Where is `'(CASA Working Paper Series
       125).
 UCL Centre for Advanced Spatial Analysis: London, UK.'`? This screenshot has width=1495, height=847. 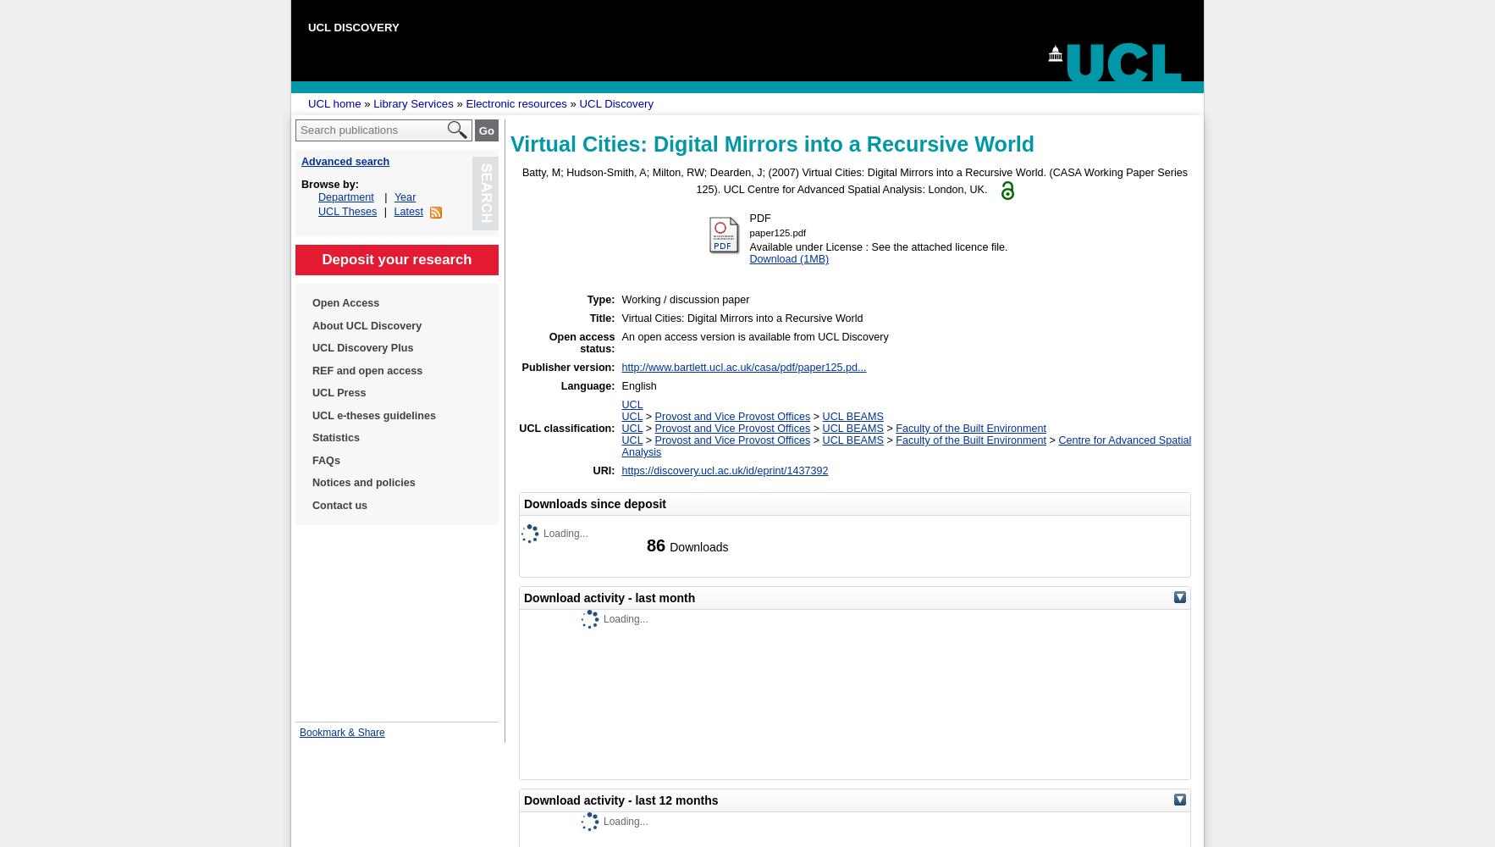 '(CASA Working Paper Series
       125).
 UCL Centre for Advanced Spatial Analysis: London, UK.' is located at coordinates (696, 180).